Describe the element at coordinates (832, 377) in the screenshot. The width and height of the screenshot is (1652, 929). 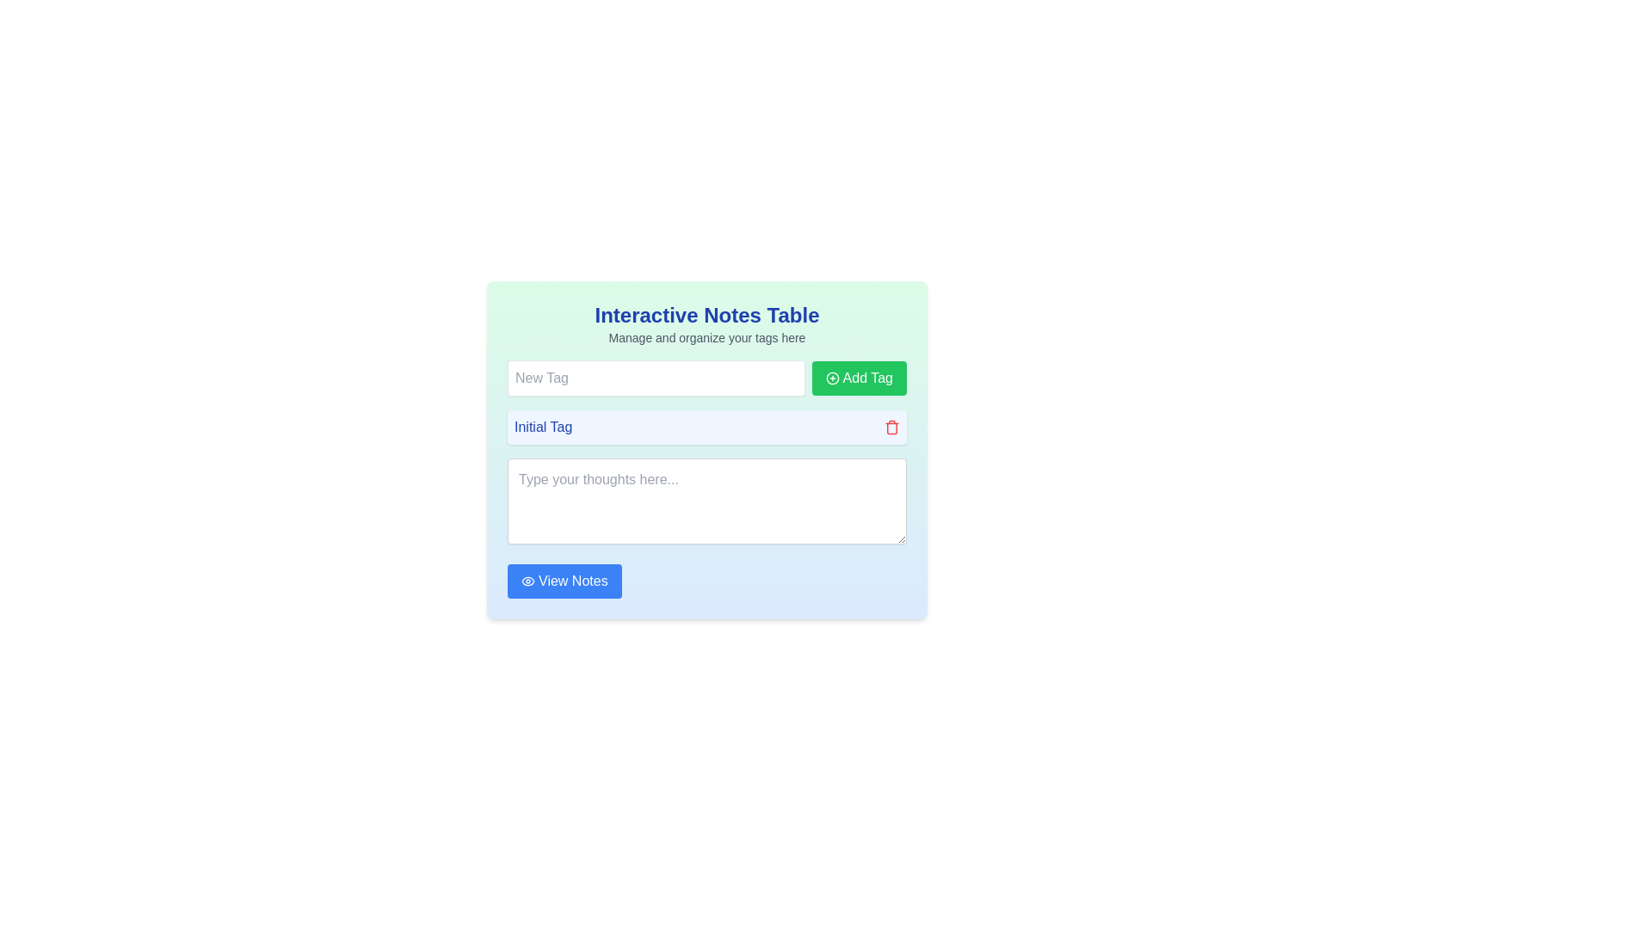
I see `the visual indication provided by the 'Add Tag' icon located at the top-right corner of the 'Add Tag' button, aligned with the text label 'Add Tag'` at that location.